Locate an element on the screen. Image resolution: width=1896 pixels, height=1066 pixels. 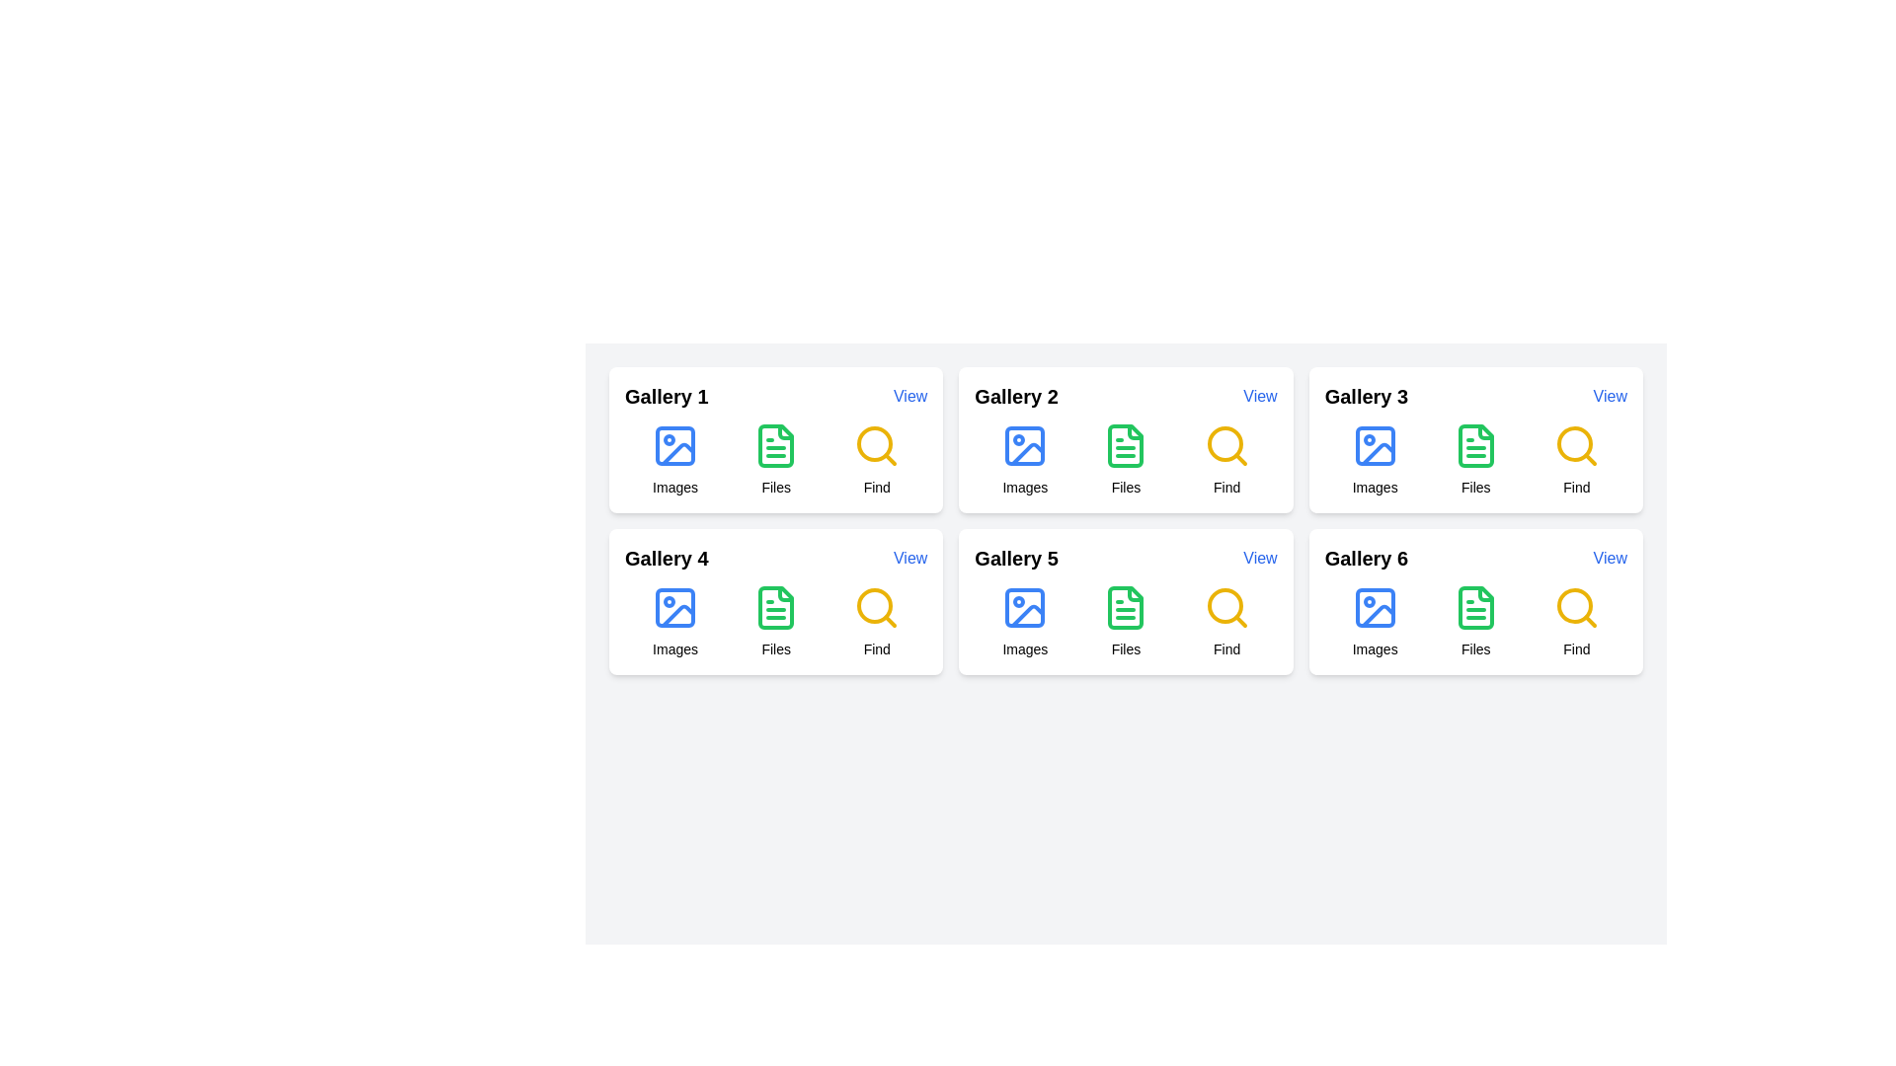
the 'Find' icon with text in the 'Gallery 5' section is located at coordinates (1225, 620).